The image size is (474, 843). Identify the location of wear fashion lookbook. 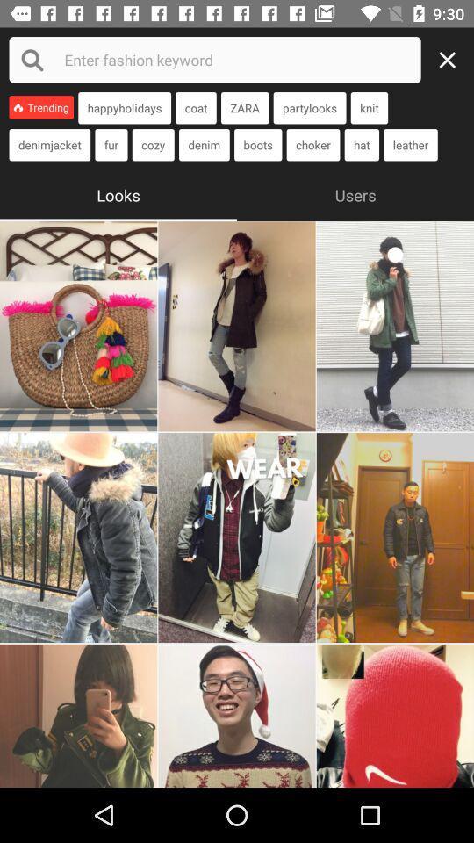
(395, 325).